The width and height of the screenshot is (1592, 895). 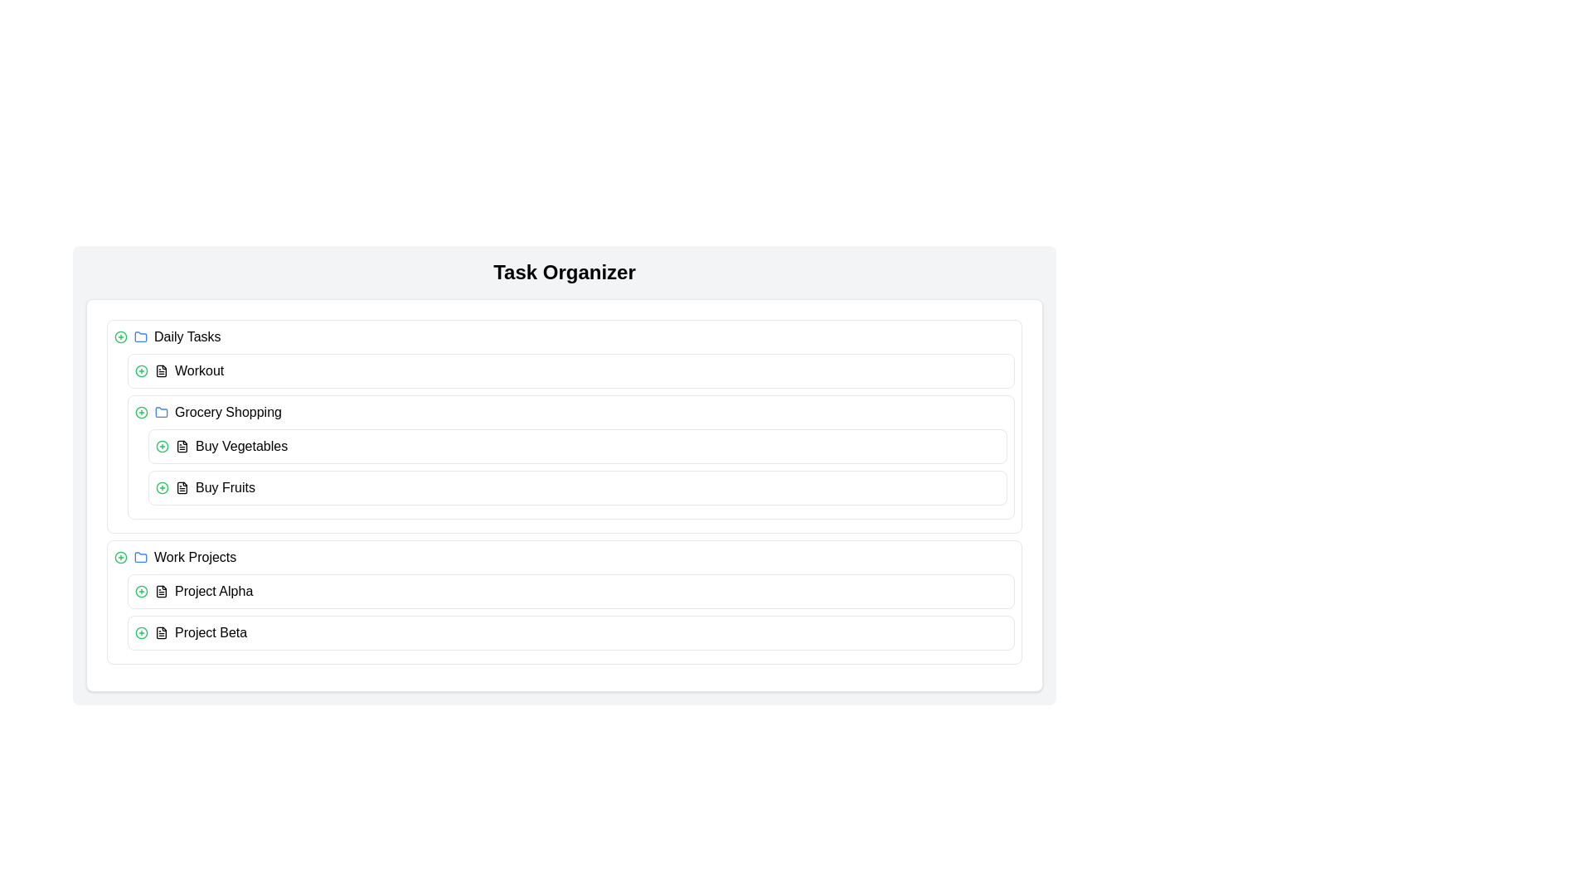 I want to click on the 'Add' button associated with the 'Project Alpha' task under the 'Work Projects' category, so click(x=142, y=590).